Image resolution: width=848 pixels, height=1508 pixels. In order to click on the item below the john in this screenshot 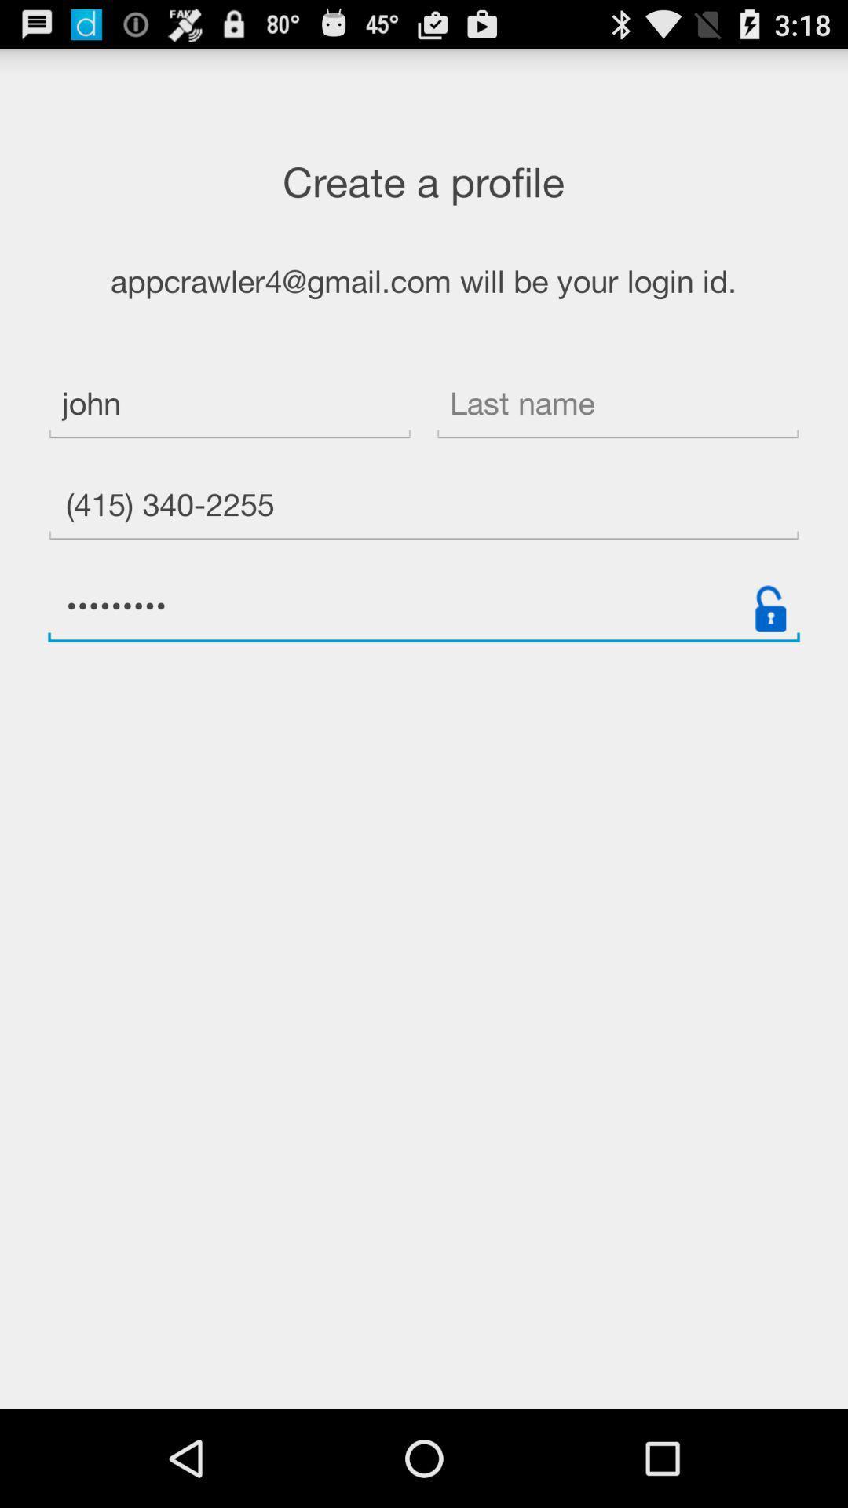, I will do `click(424, 507)`.